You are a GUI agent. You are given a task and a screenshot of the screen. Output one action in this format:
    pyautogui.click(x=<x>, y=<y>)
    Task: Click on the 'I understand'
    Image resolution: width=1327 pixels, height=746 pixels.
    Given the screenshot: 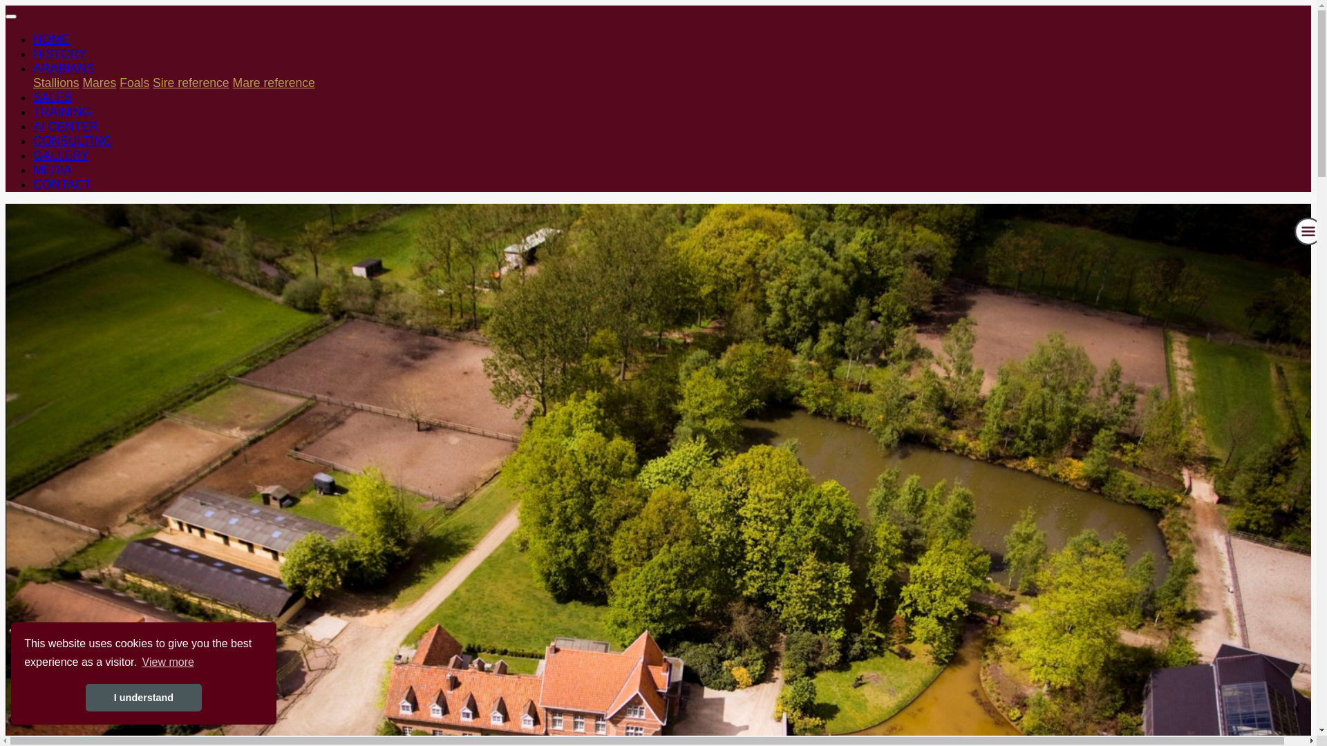 What is the action you would take?
    pyautogui.click(x=143, y=698)
    